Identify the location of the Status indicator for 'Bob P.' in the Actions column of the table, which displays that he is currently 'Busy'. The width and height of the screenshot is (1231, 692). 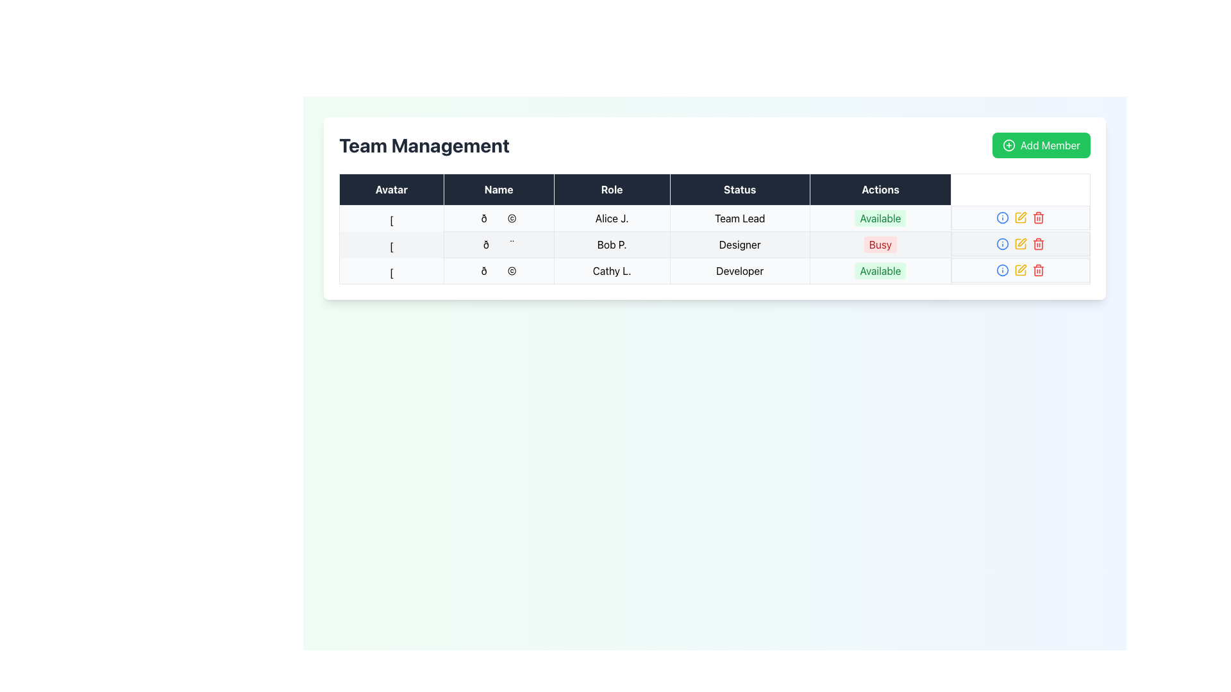
(880, 244).